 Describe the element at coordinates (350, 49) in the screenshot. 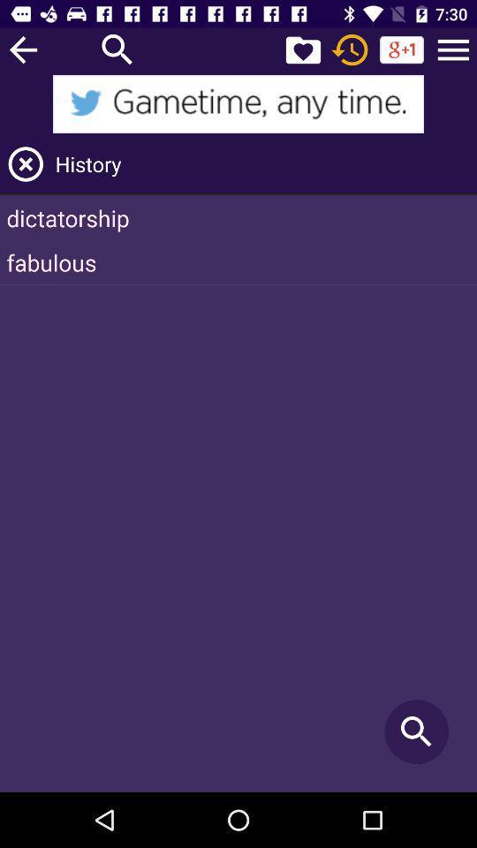

I see `recents` at that location.